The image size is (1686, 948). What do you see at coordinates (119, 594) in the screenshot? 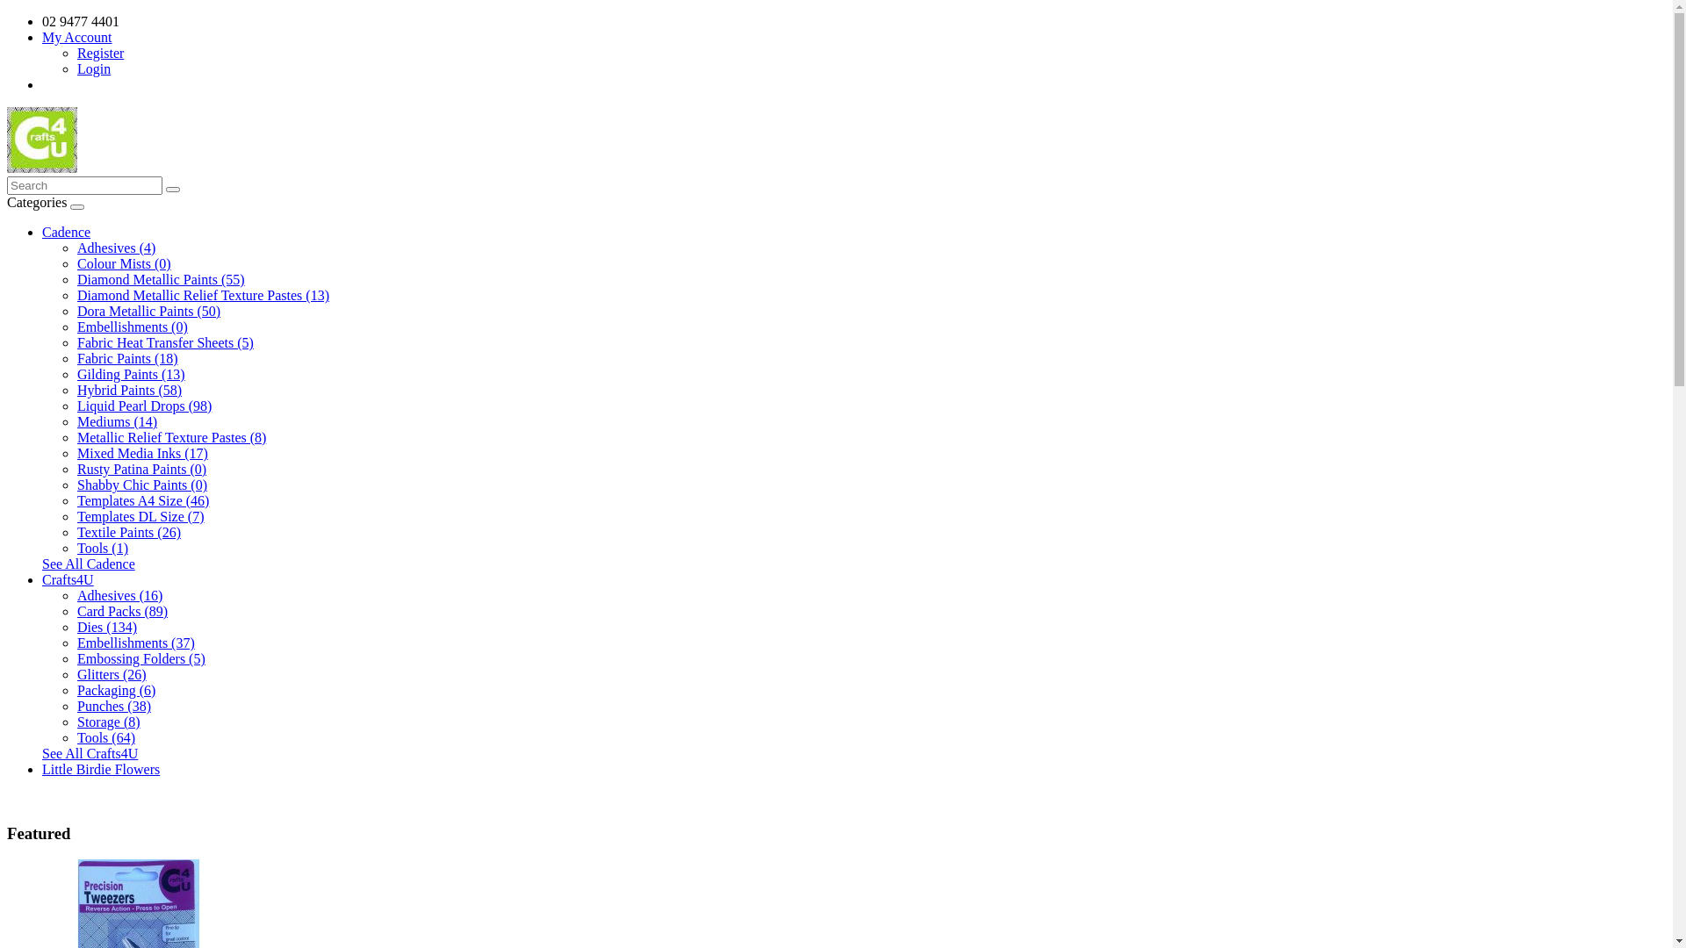
I see `'Adhesives (16)'` at bounding box center [119, 594].